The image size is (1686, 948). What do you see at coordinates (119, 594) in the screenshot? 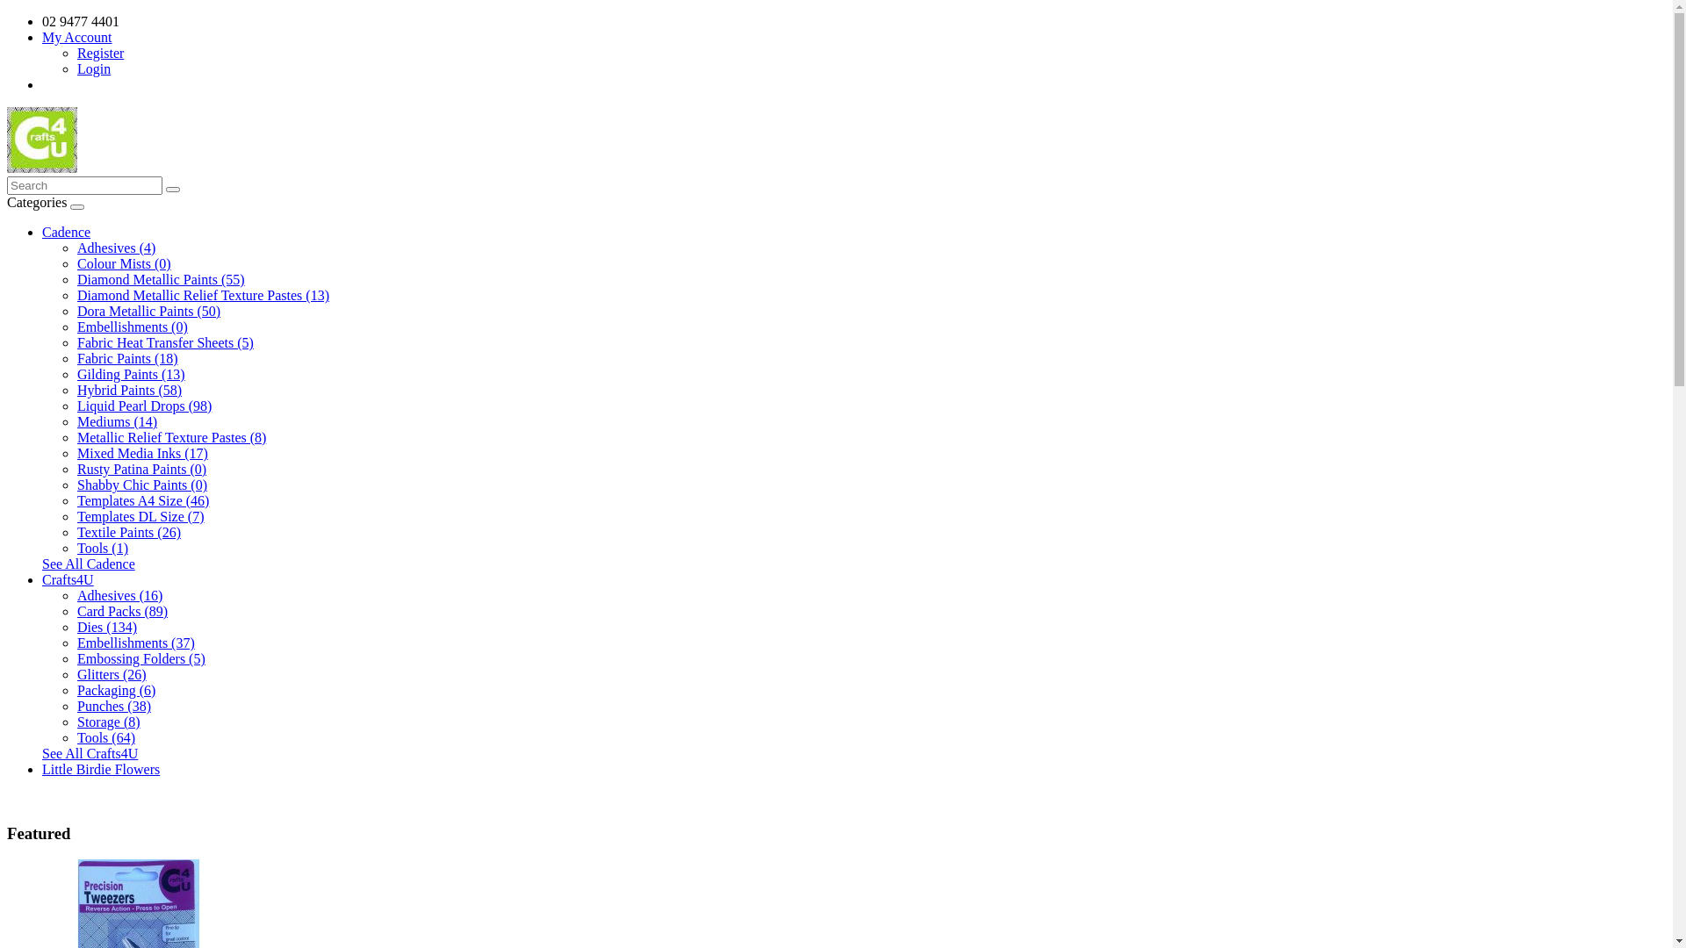
I see `'Adhesives (16)'` at bounding box center [119, 594].